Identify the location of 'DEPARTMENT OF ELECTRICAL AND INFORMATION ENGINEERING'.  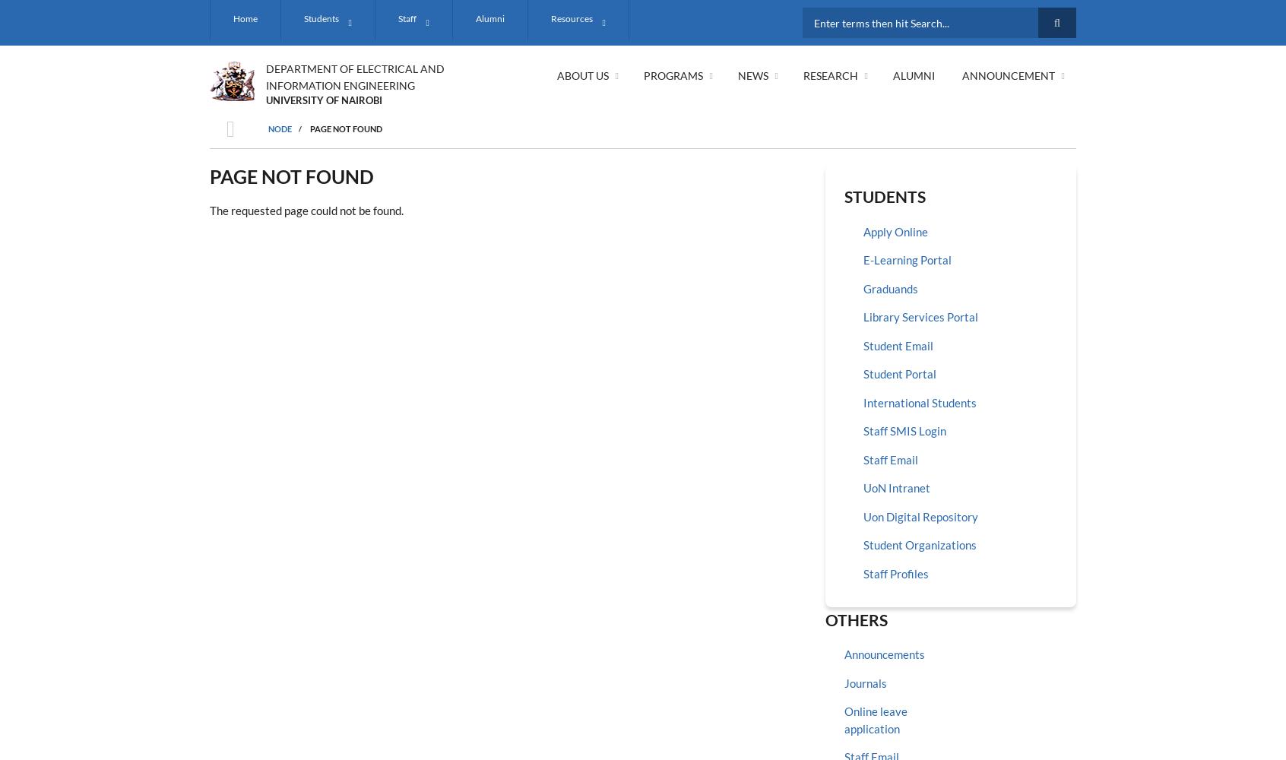
(354, 76).